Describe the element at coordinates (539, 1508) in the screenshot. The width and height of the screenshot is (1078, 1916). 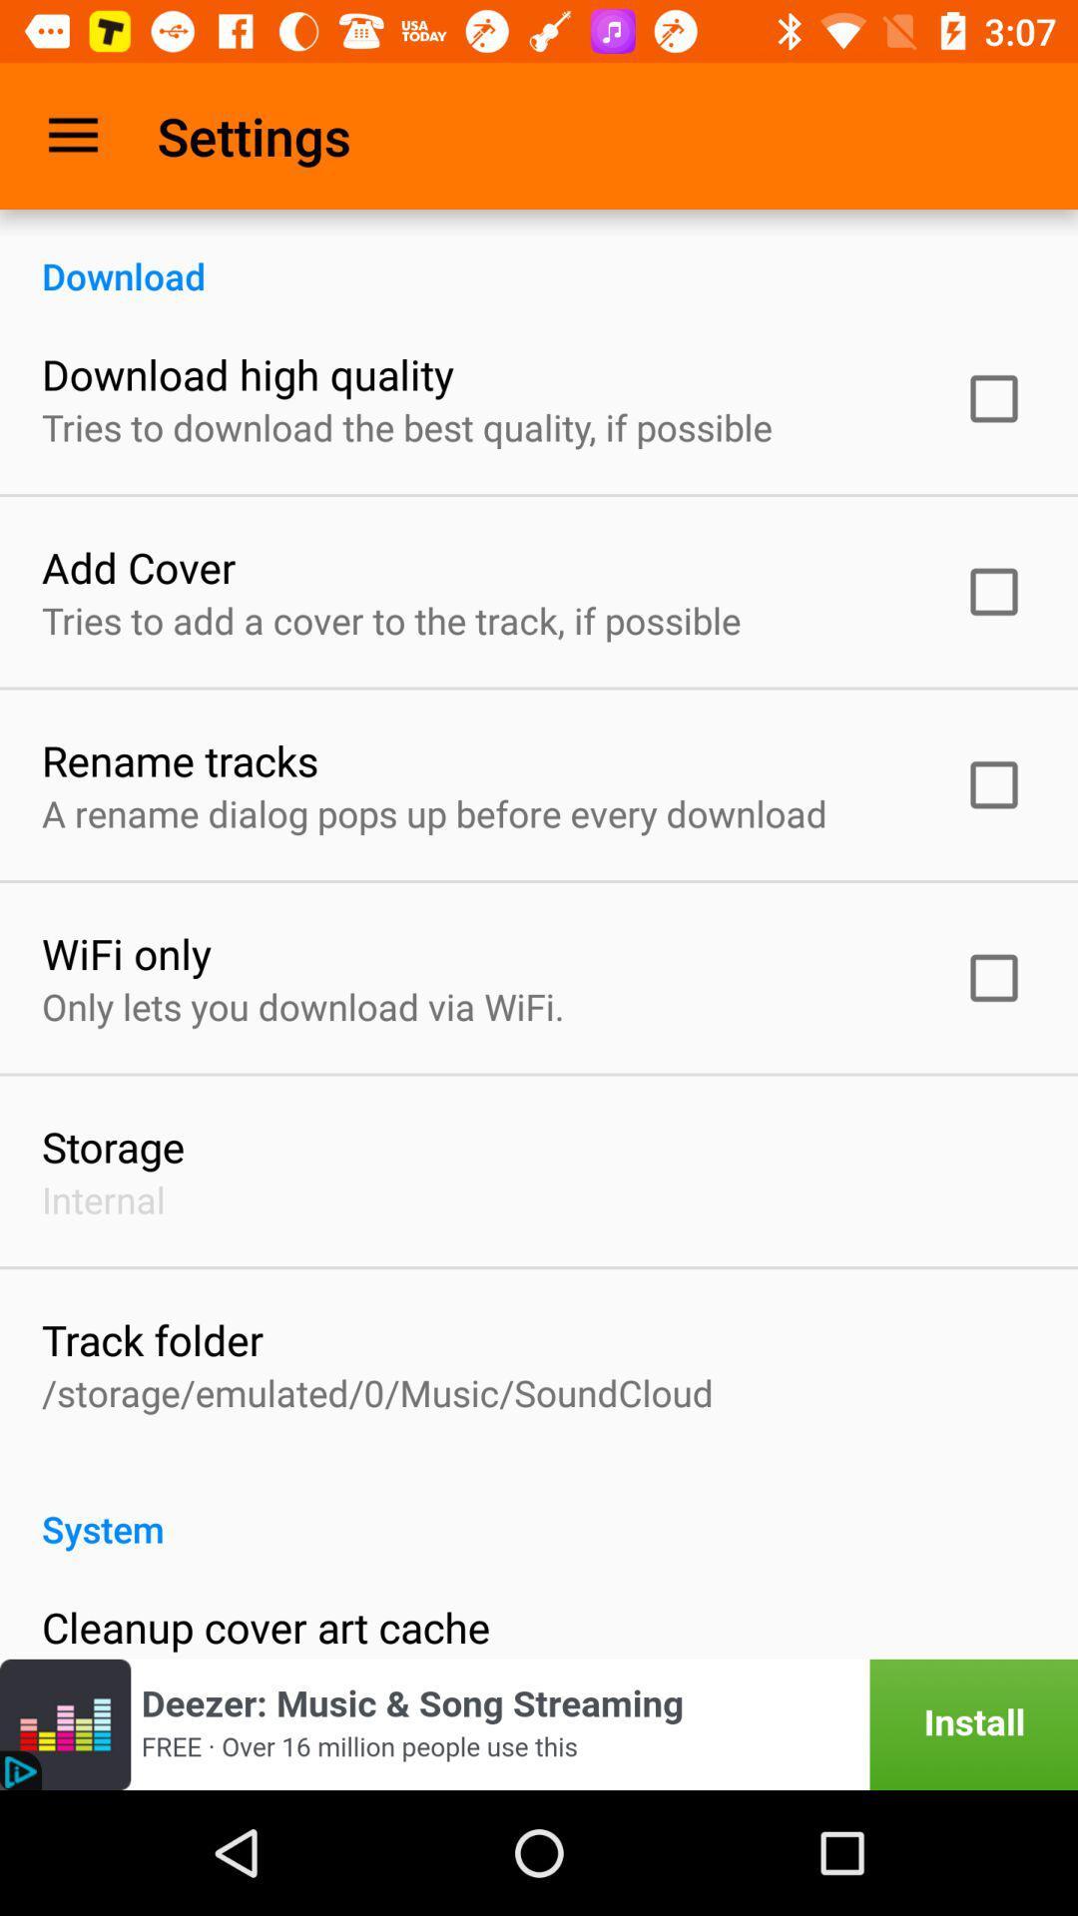
I see `the system item` at that location.